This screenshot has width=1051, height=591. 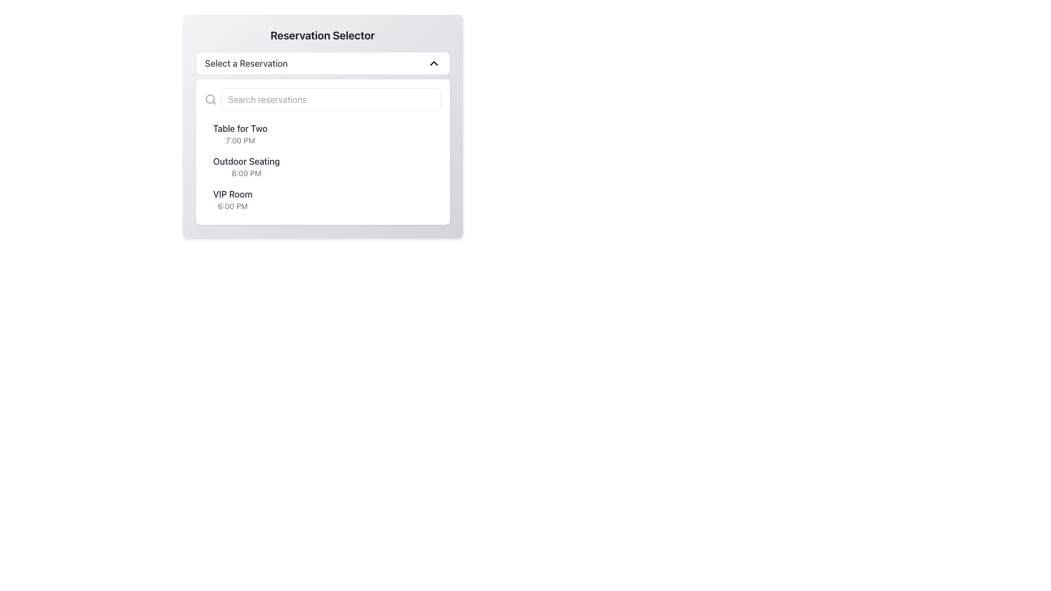 What do you see at coordinates (322, 99) in the screenshot?
I see `the search bar input field located below the 'Select a Reservation' dropdown to focus on it for entering keywords` at bounding box center [322, 99].